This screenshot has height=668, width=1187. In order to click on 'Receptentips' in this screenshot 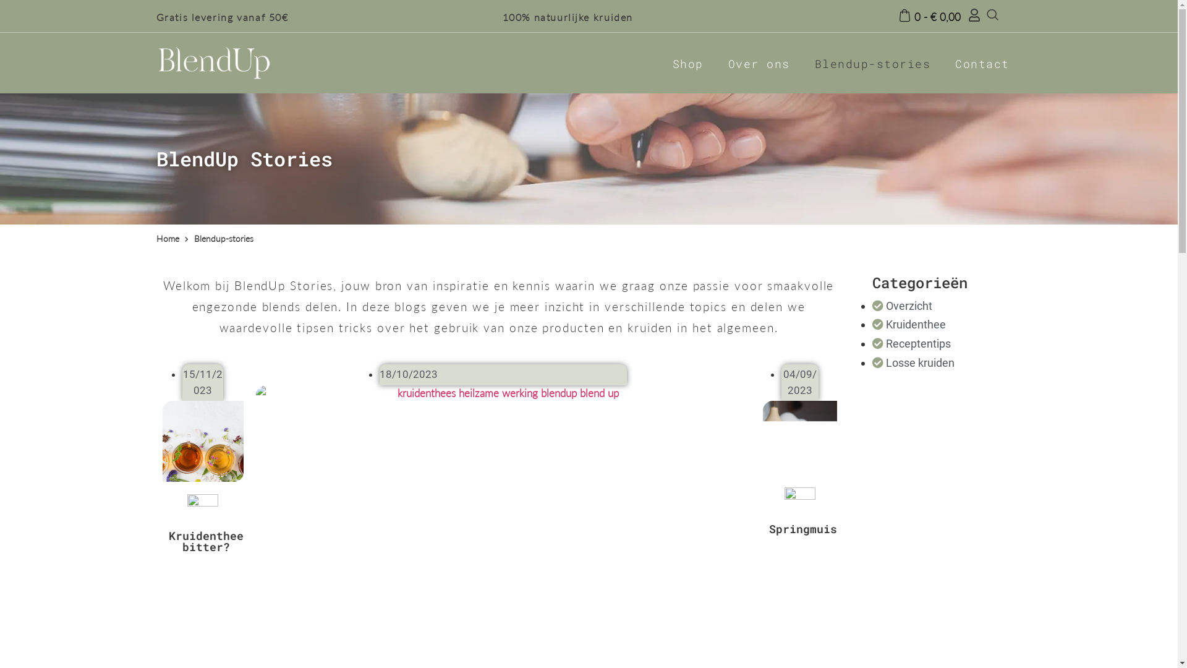, I will do `click(911, 343)`.